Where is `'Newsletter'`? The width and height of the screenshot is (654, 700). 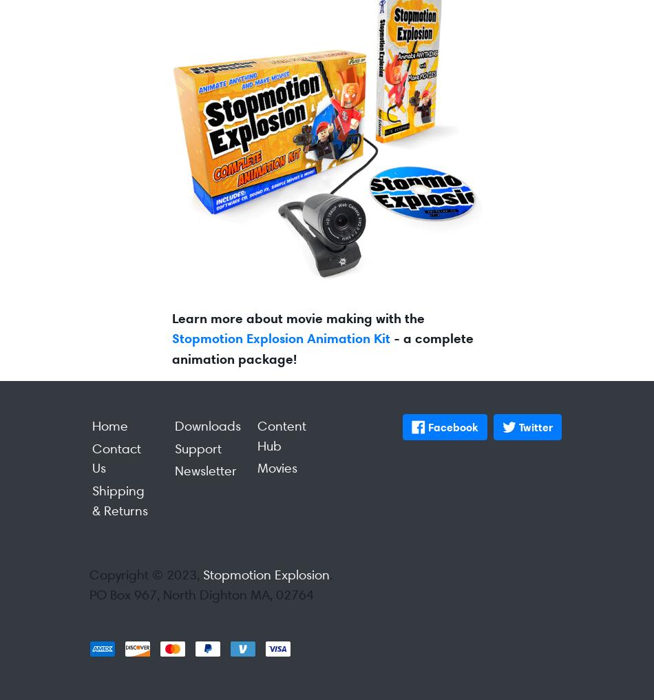
'Newsletter' is located at coordinates (204, 470).